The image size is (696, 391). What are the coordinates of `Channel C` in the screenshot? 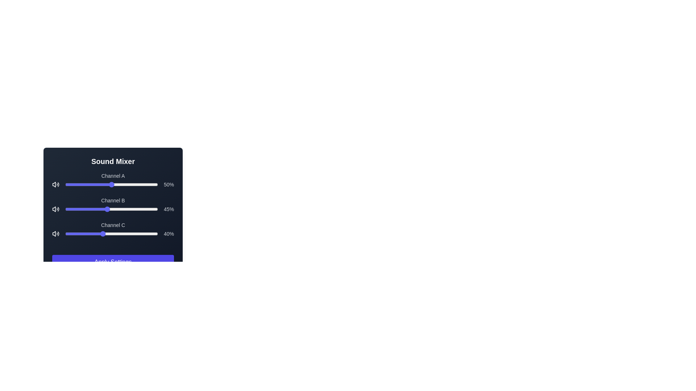 It's located at (94, 234).